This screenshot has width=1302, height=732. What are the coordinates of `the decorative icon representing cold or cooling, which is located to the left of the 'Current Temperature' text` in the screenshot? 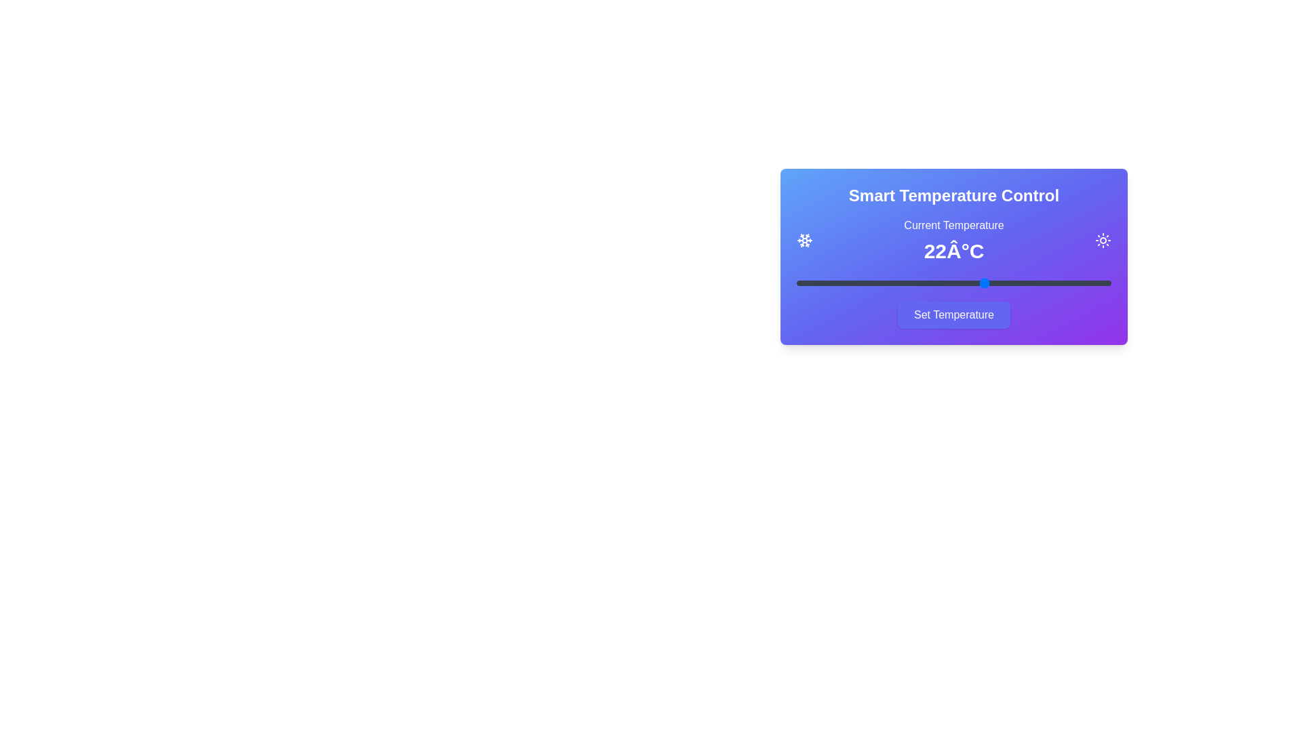 It's located at (804, 239).